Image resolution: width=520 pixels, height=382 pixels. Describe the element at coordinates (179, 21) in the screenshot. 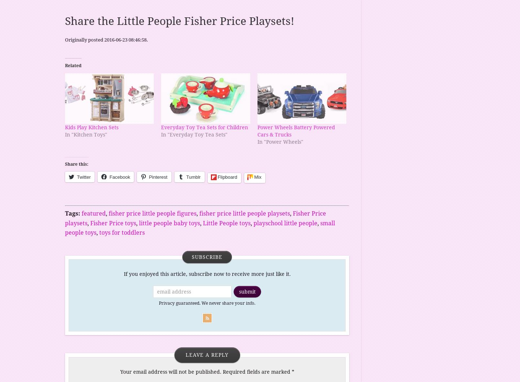

I see `'Share the Little People Fisher Price Playsets!'` at that location.